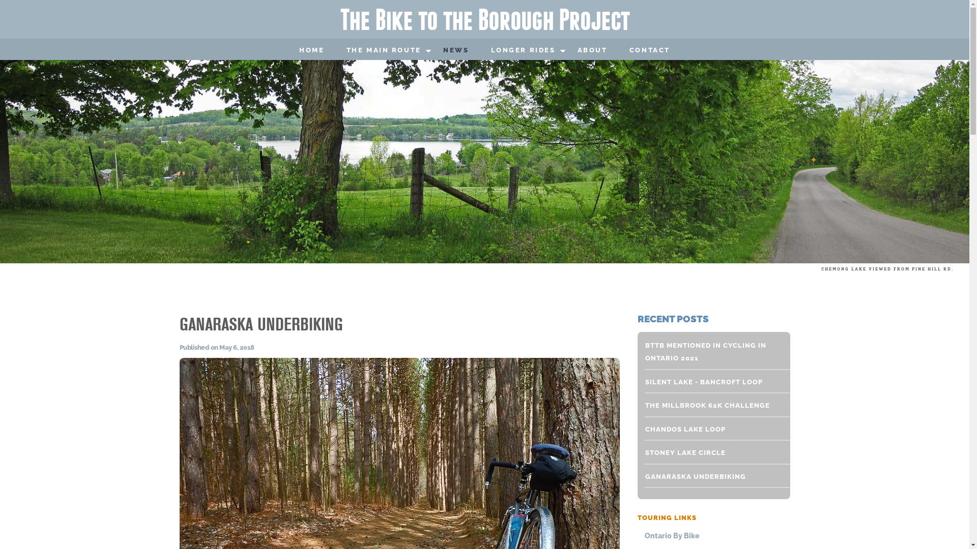 Image resolution: width=977 pixels, height=549 pixels. I want to click on 'LONGER RIDES', so click(523, 50).